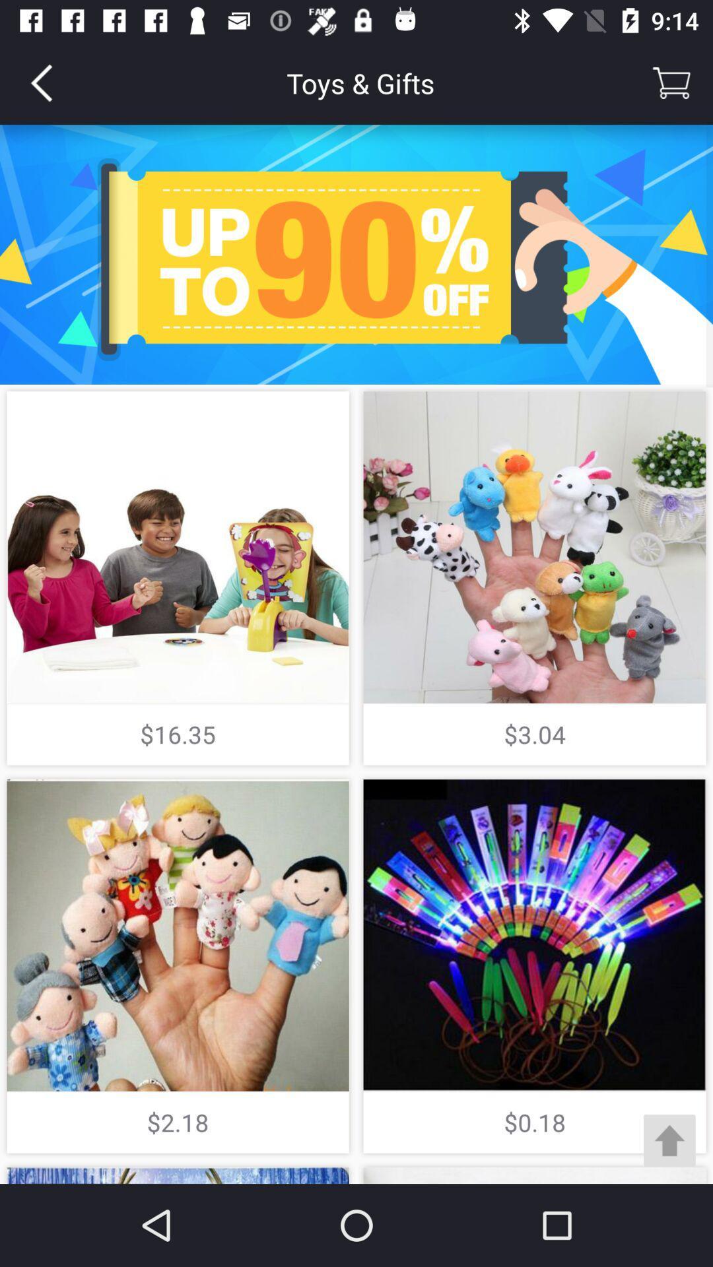 Image resolution: width=713 pixels, height=1267 pixels. I want to click on the icon next to the $2.18 item, so click(669, 1140).